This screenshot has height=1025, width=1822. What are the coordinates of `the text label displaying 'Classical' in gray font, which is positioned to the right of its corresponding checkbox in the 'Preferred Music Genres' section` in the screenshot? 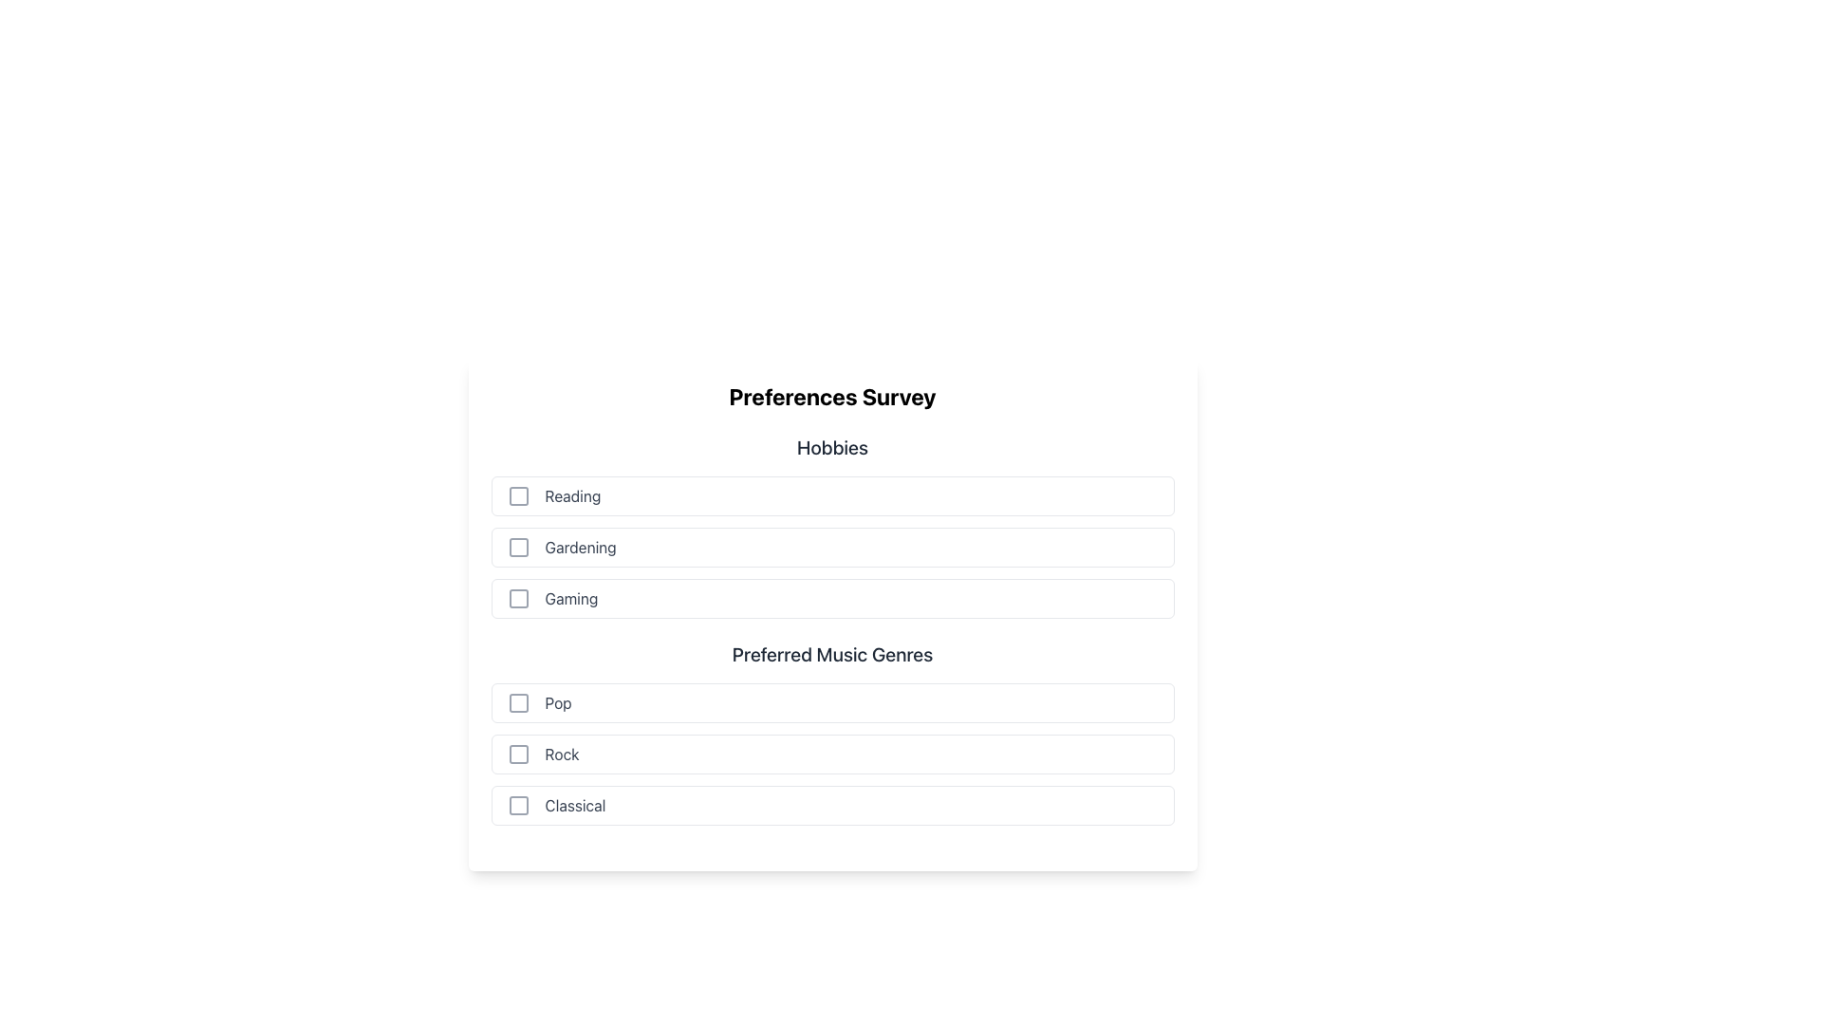 It's located at (574, 805).